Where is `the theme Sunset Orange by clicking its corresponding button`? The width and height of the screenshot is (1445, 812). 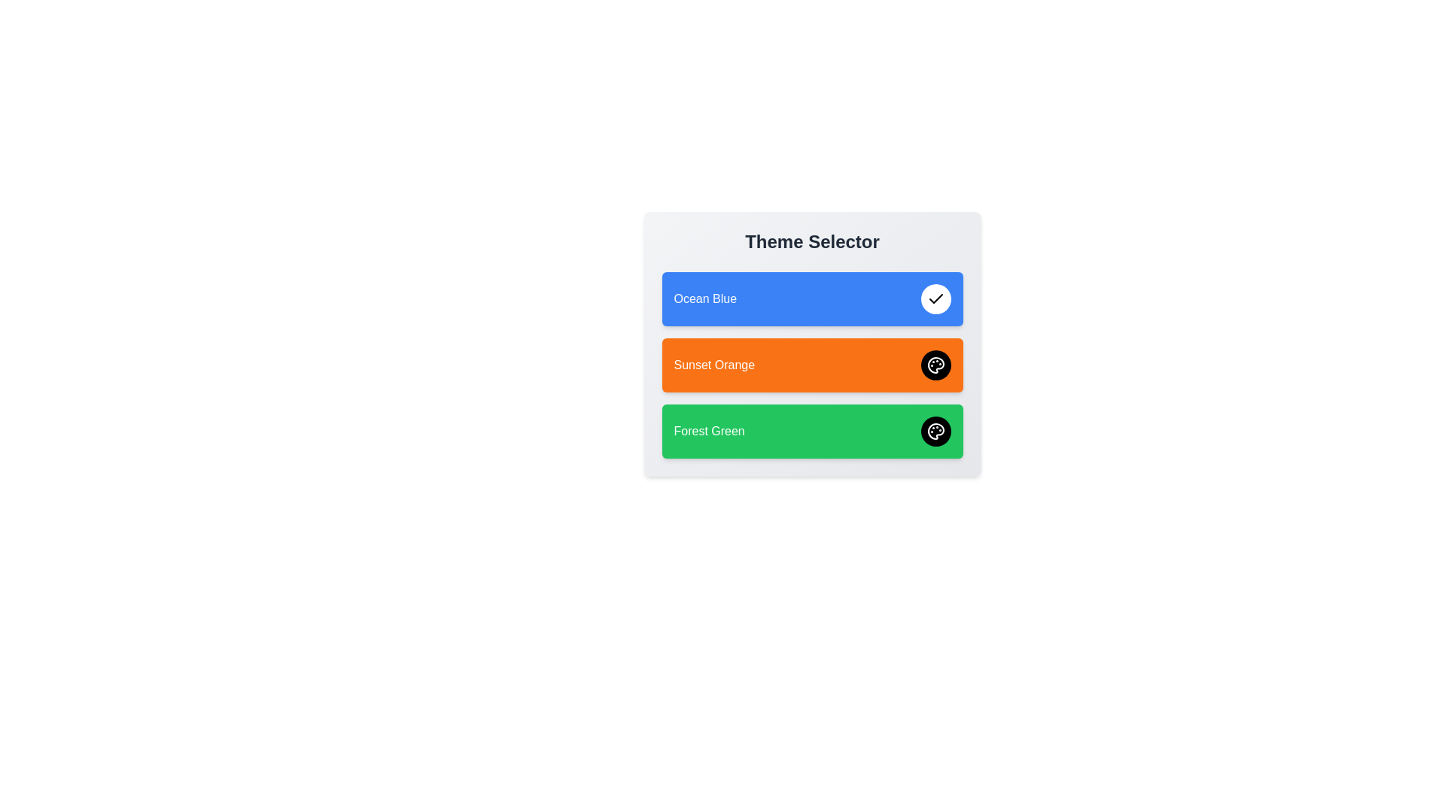 the theme Sunset Orange by clicking its corresponding button is located at coordinates (935, 365).